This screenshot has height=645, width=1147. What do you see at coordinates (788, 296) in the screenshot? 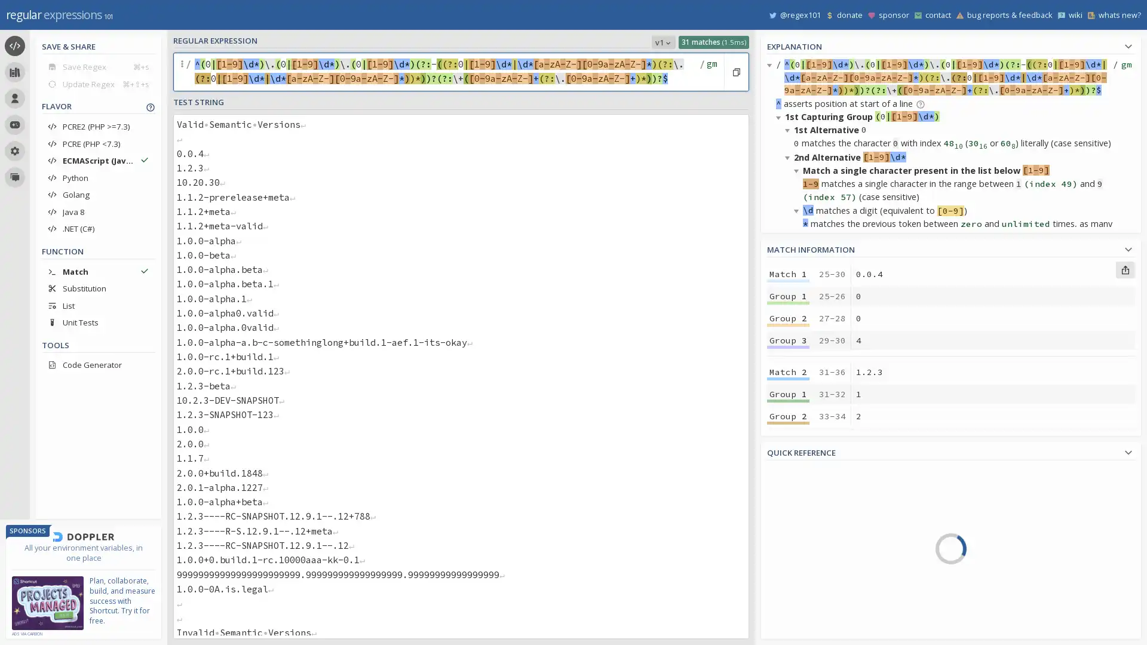
I see `Group 1` at bounding box center [788, 296].